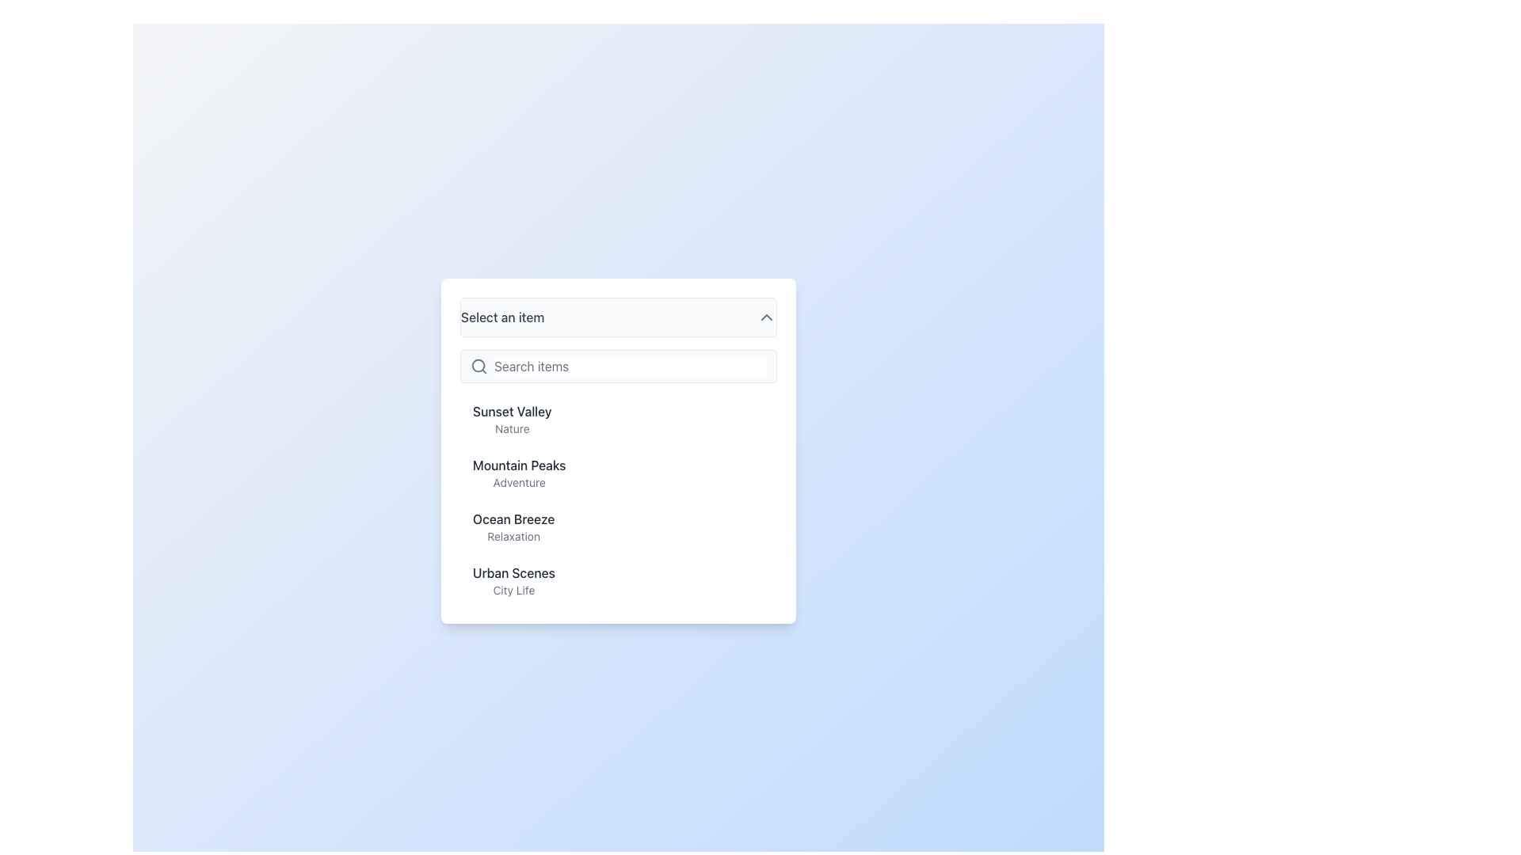 The height and width of the screenshot is (855, 1521). What do you see at coordinates (512, 429) in the screenshot?
I see `the static text label displaying 'Nature', which is located directly below 'Sunset Valley' in the dropdown menu` at bounding box center [512, 429].